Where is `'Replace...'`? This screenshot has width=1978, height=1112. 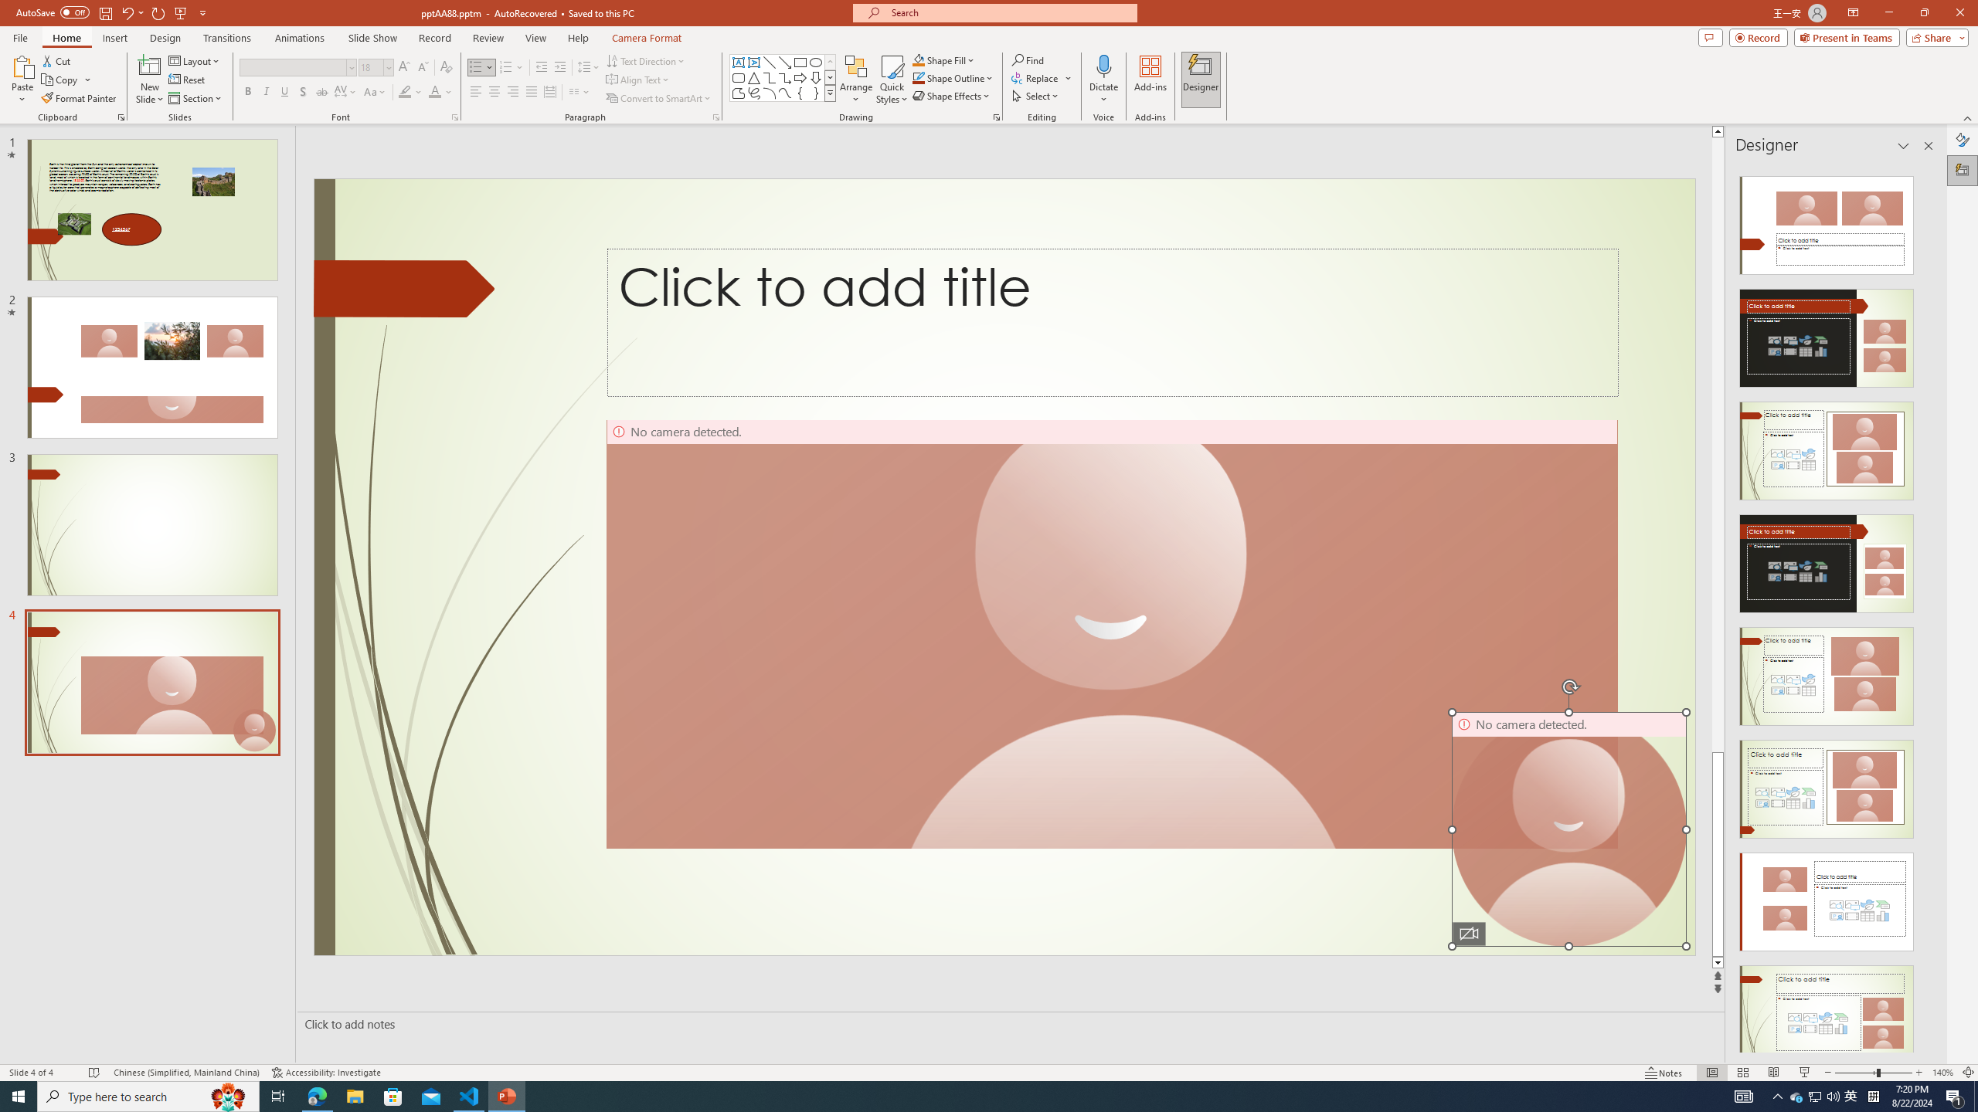
'Replace...' is located at coordinates (1036, 76).